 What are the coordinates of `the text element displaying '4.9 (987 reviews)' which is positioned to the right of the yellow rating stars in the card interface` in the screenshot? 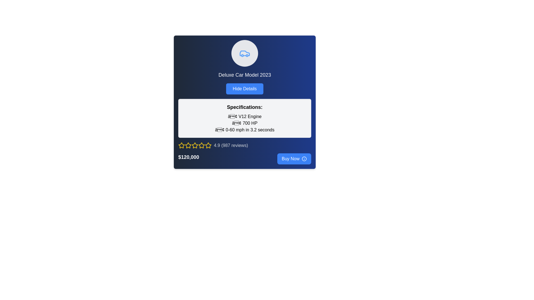 It's located at (231, 145).